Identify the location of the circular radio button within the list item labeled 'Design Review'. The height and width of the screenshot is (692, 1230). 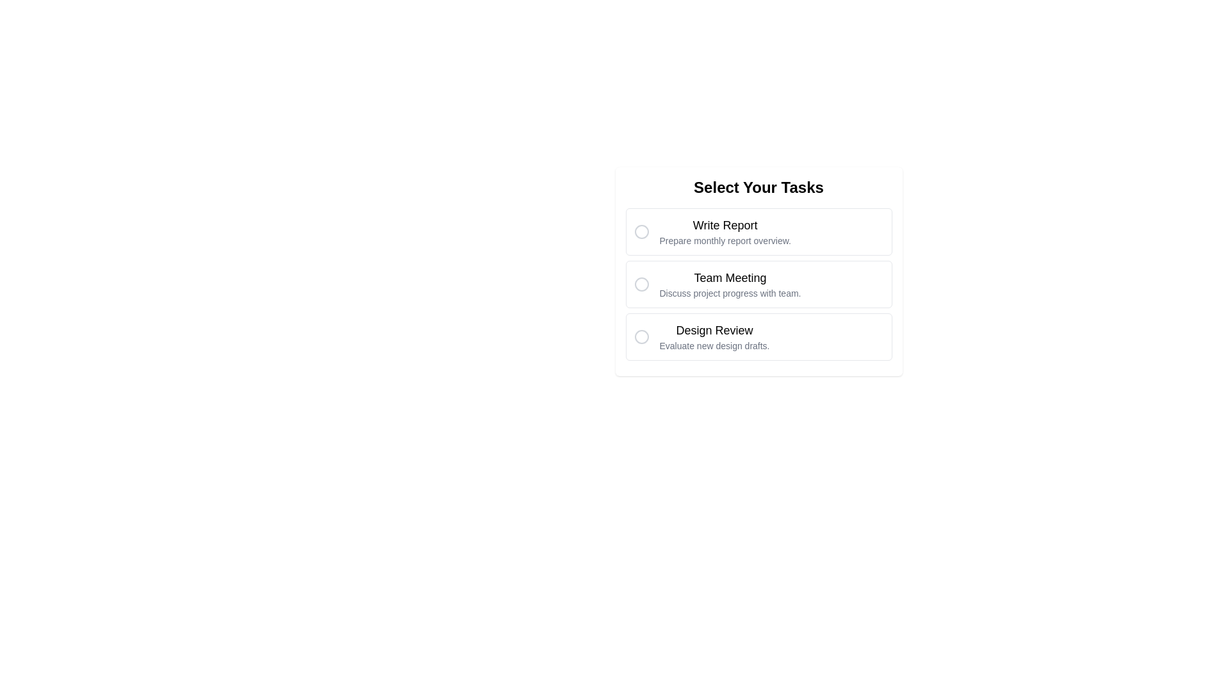
(641, 336).